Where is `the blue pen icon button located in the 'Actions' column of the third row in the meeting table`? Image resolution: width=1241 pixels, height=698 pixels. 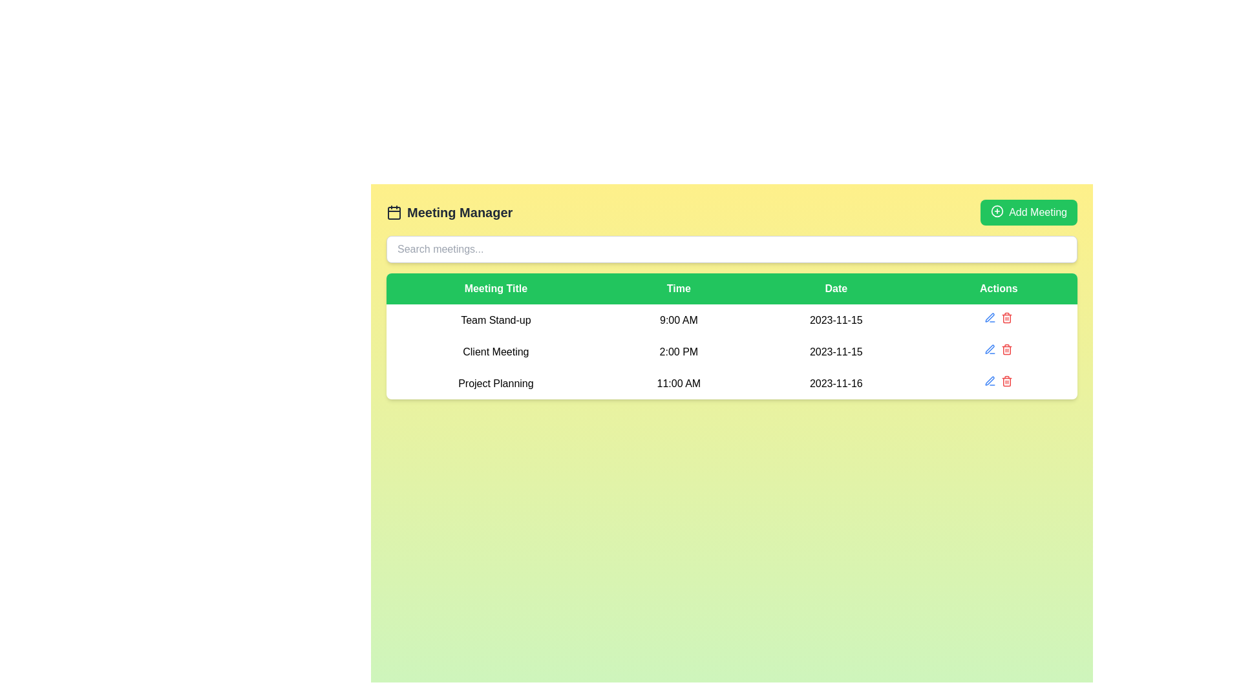 the blue pen icon button located in the 'Actions' column of the third row in the meeting table is located at coordinates (990, 381).